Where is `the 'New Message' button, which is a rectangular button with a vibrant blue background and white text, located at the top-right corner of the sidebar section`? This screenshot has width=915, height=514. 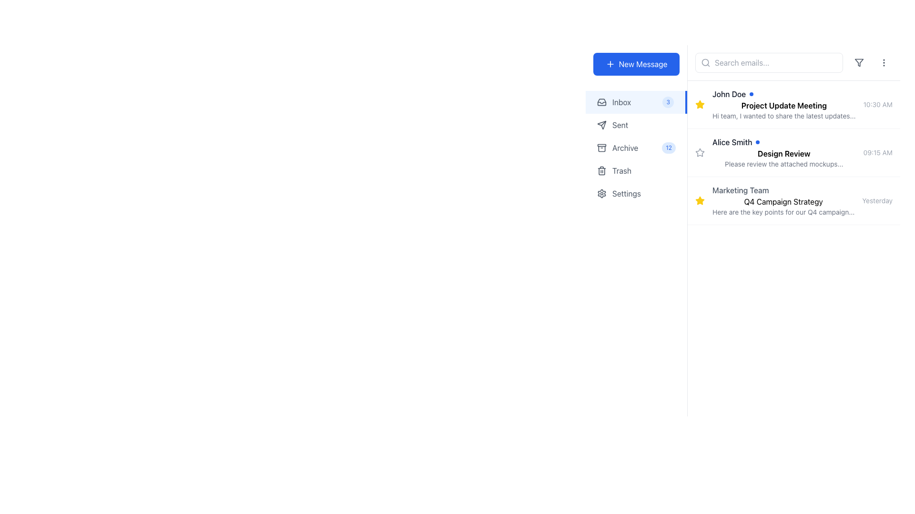 the 'New Message' button, which is a rectangular button with a vibrant blue background and white text, located at the top-right corner of the sidebar section is located at coordinates (636, 64).